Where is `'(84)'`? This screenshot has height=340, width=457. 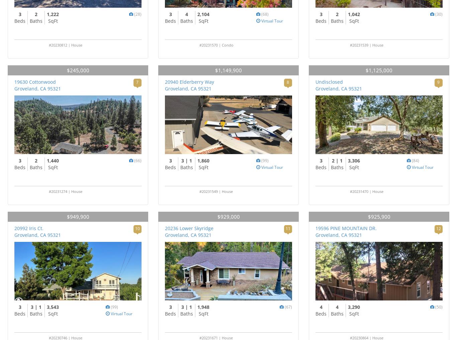
'(84)' is located at coordinates (415, 160).